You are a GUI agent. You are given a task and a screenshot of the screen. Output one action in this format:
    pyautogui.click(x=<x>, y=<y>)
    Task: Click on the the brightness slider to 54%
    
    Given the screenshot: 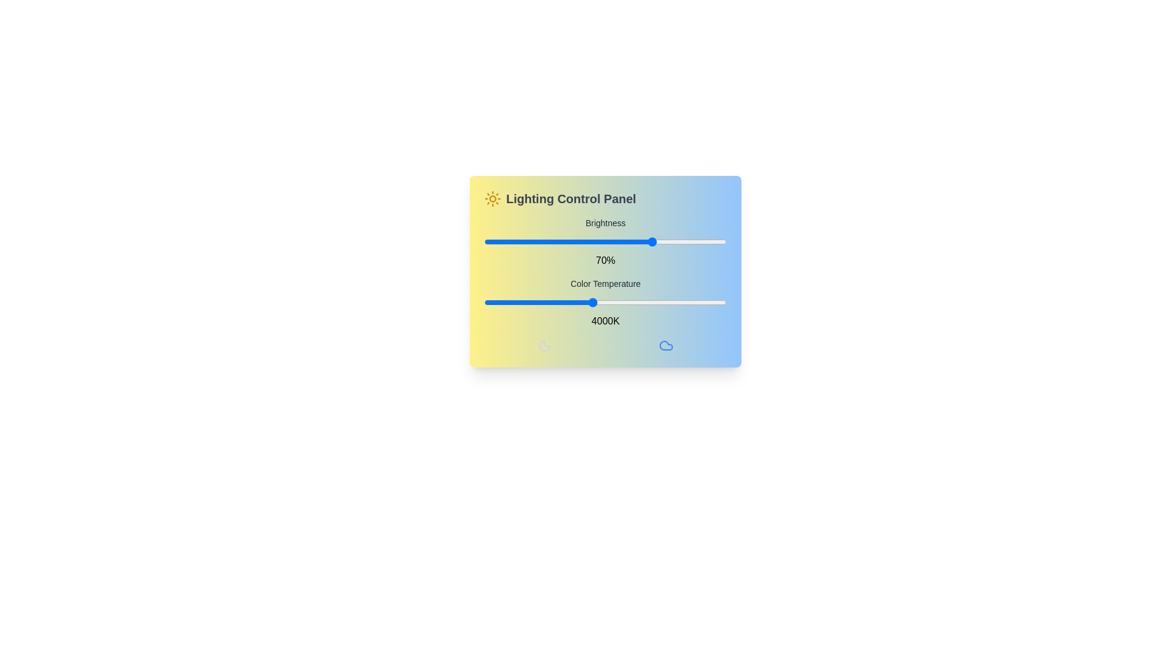 What is the action you would take?
    pyautogui.click(x=615, y=241)
    